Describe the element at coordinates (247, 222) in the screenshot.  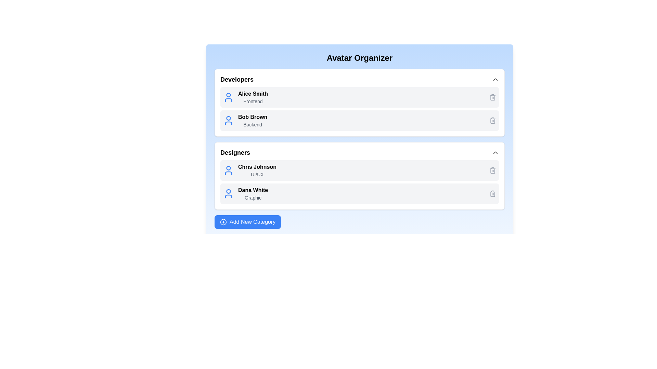
I see `the rectangular blue button labeled 'Add New Category' with a white plus icon` at that location.